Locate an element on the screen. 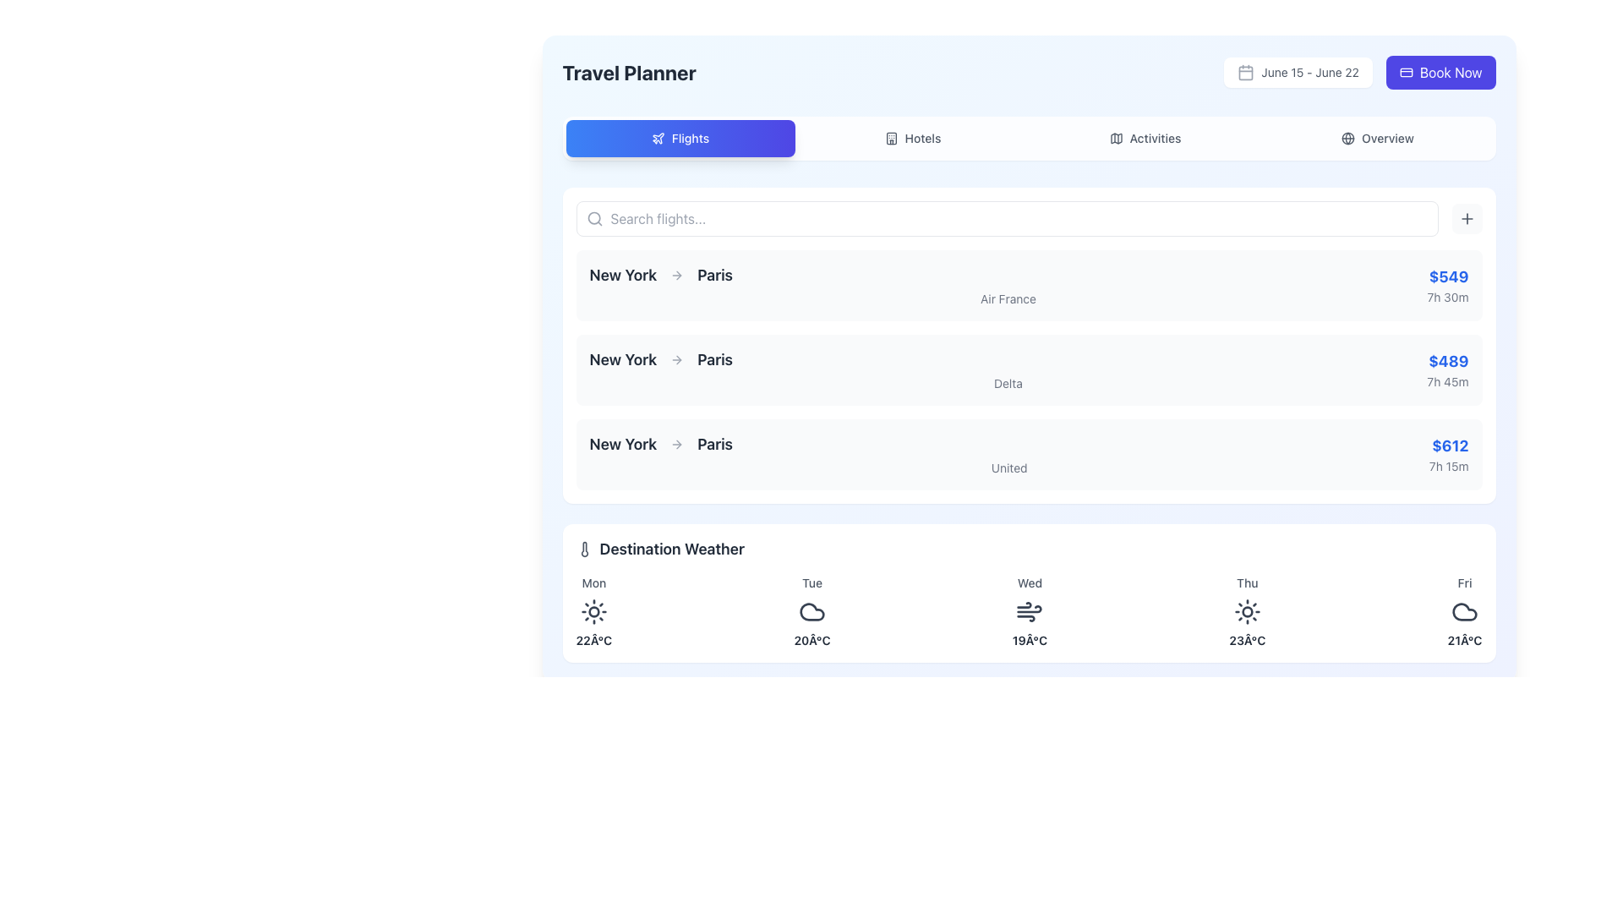 The width and height of the screenshot is (1623, 913). the textual display element that shows 'New York', an arrow symbol, 'Paris', and 'Air France', which is the first row in the horizontal list of flight options is located at coordinates (1008, 285).